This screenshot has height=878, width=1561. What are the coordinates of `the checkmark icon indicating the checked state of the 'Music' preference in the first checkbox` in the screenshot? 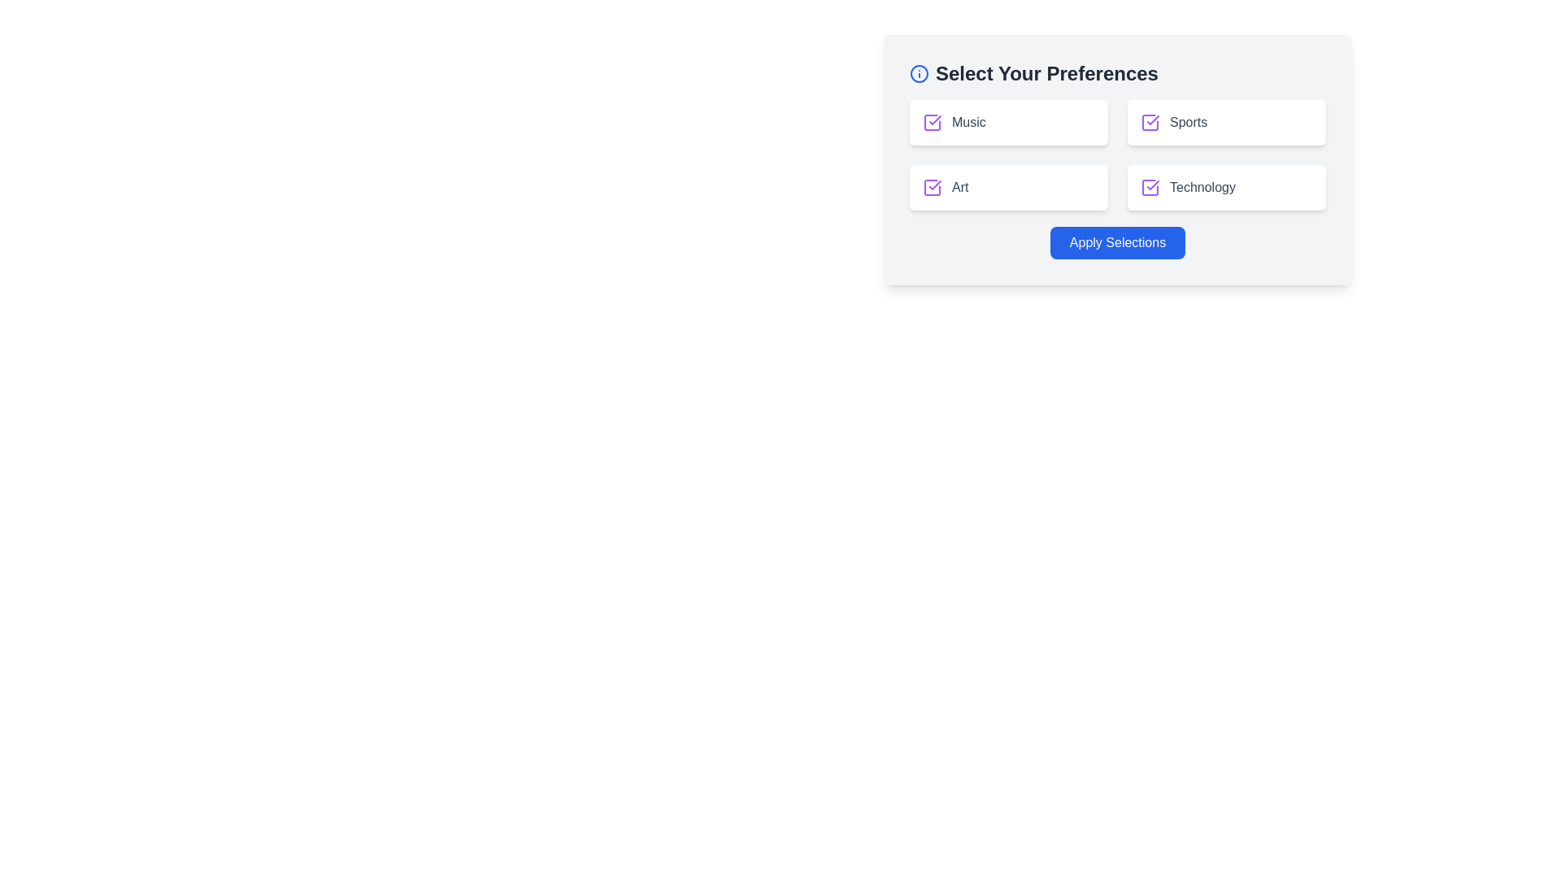 It's located at (935, 119).